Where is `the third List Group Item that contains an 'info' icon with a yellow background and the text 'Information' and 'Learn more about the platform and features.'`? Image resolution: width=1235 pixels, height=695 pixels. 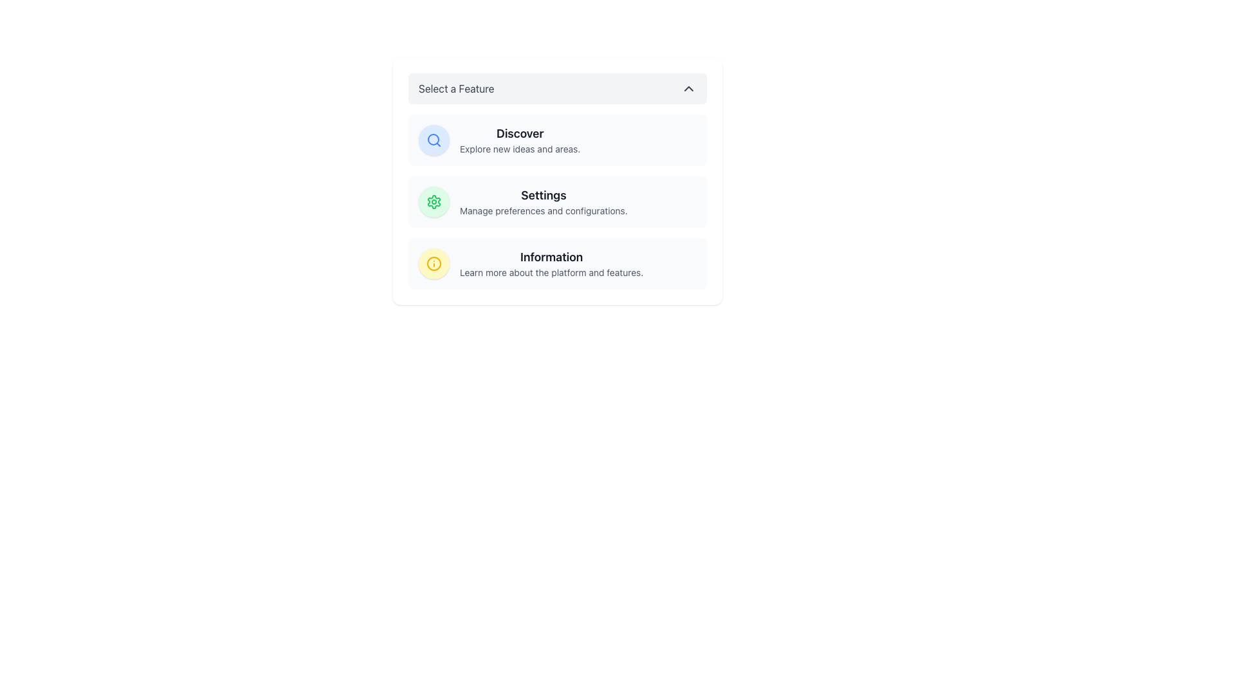 the third List Group Item that contains an 'info' icon with a yellow background and the text 'Information' and 'Learn more about the platform and features.' is located at coordinates (558, 263).